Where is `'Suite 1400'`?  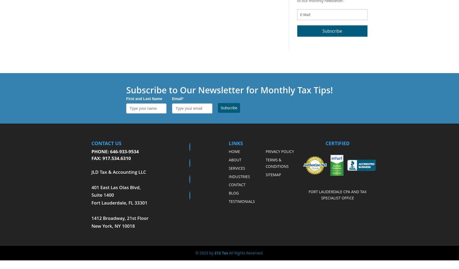 'Suite 1400' is located at coordinates (102, 195).